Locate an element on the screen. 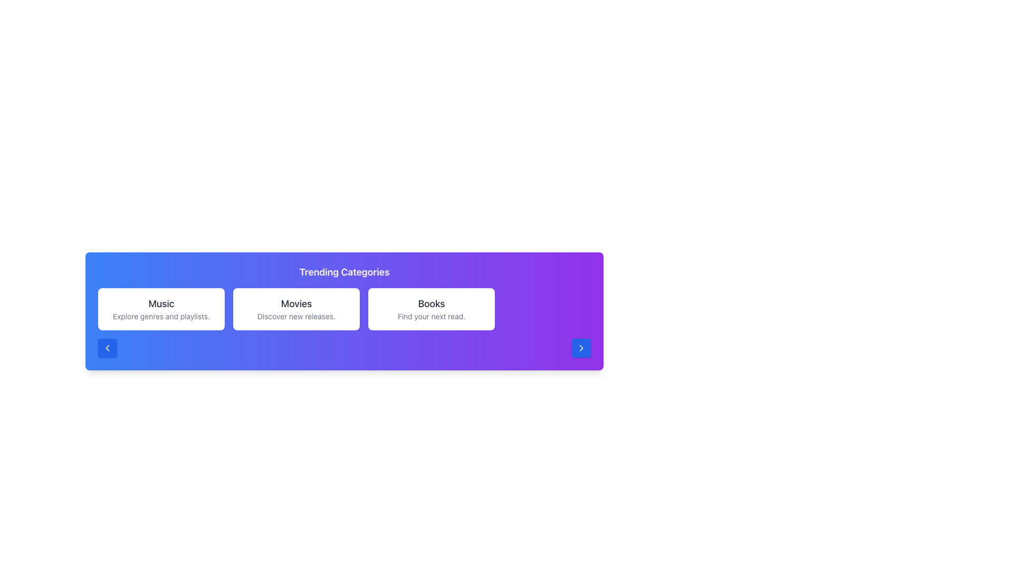  the Chevron-Right icon, which is a minimalist arrow icon used for navigation, located in the bottom-right corner of the blue-to-purple gradient section adjacent to a white card labeled 'Books' is located at coordinates (581, 348).